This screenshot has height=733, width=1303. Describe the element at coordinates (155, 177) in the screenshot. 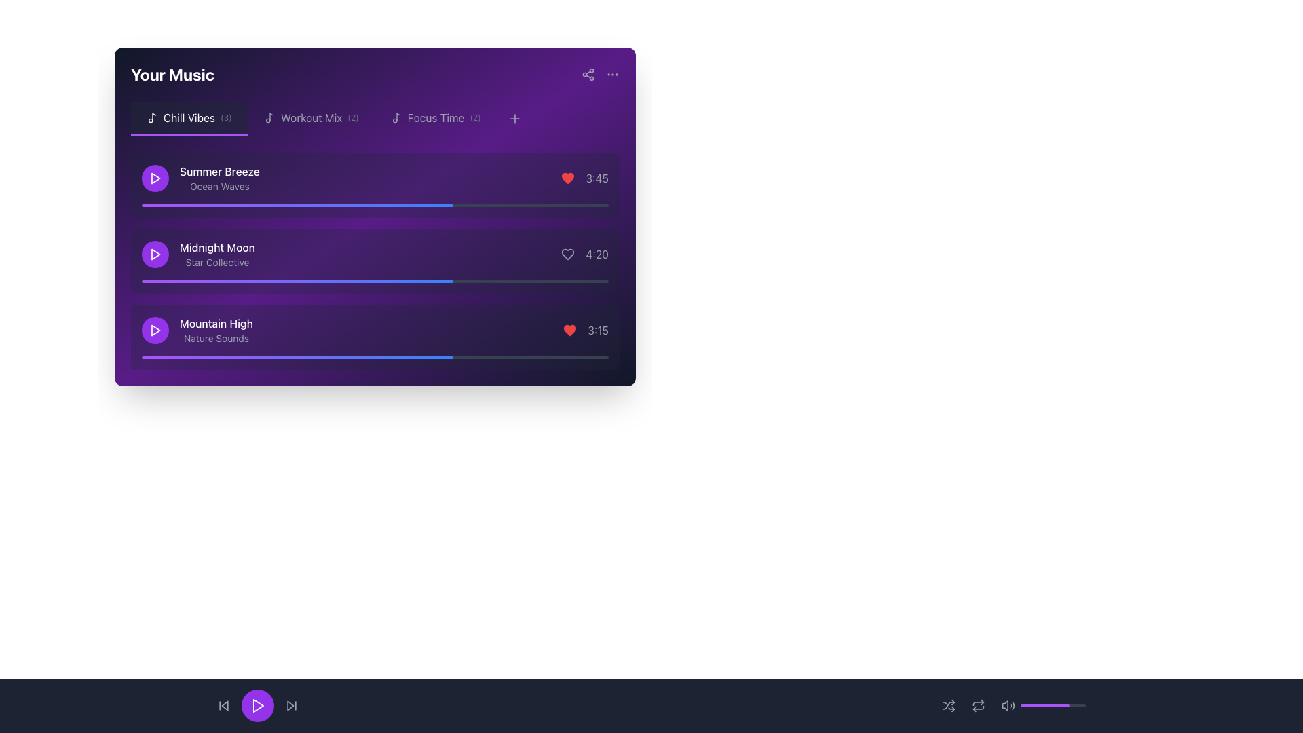

I see `the play button located on the left side of the 'Summer Breeze' track item in the 'Chill Vibes' playlist to initiate playback of the track` at that location.